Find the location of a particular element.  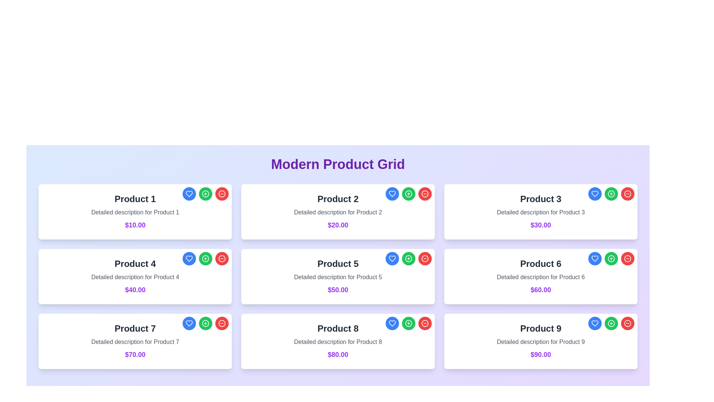

the red 'minus' icon representing the 'remove' action, located as the third icon from the left in a horizontal group on the right side of the product card in the second row and third column of the grid is located at coordinates (222, 258).